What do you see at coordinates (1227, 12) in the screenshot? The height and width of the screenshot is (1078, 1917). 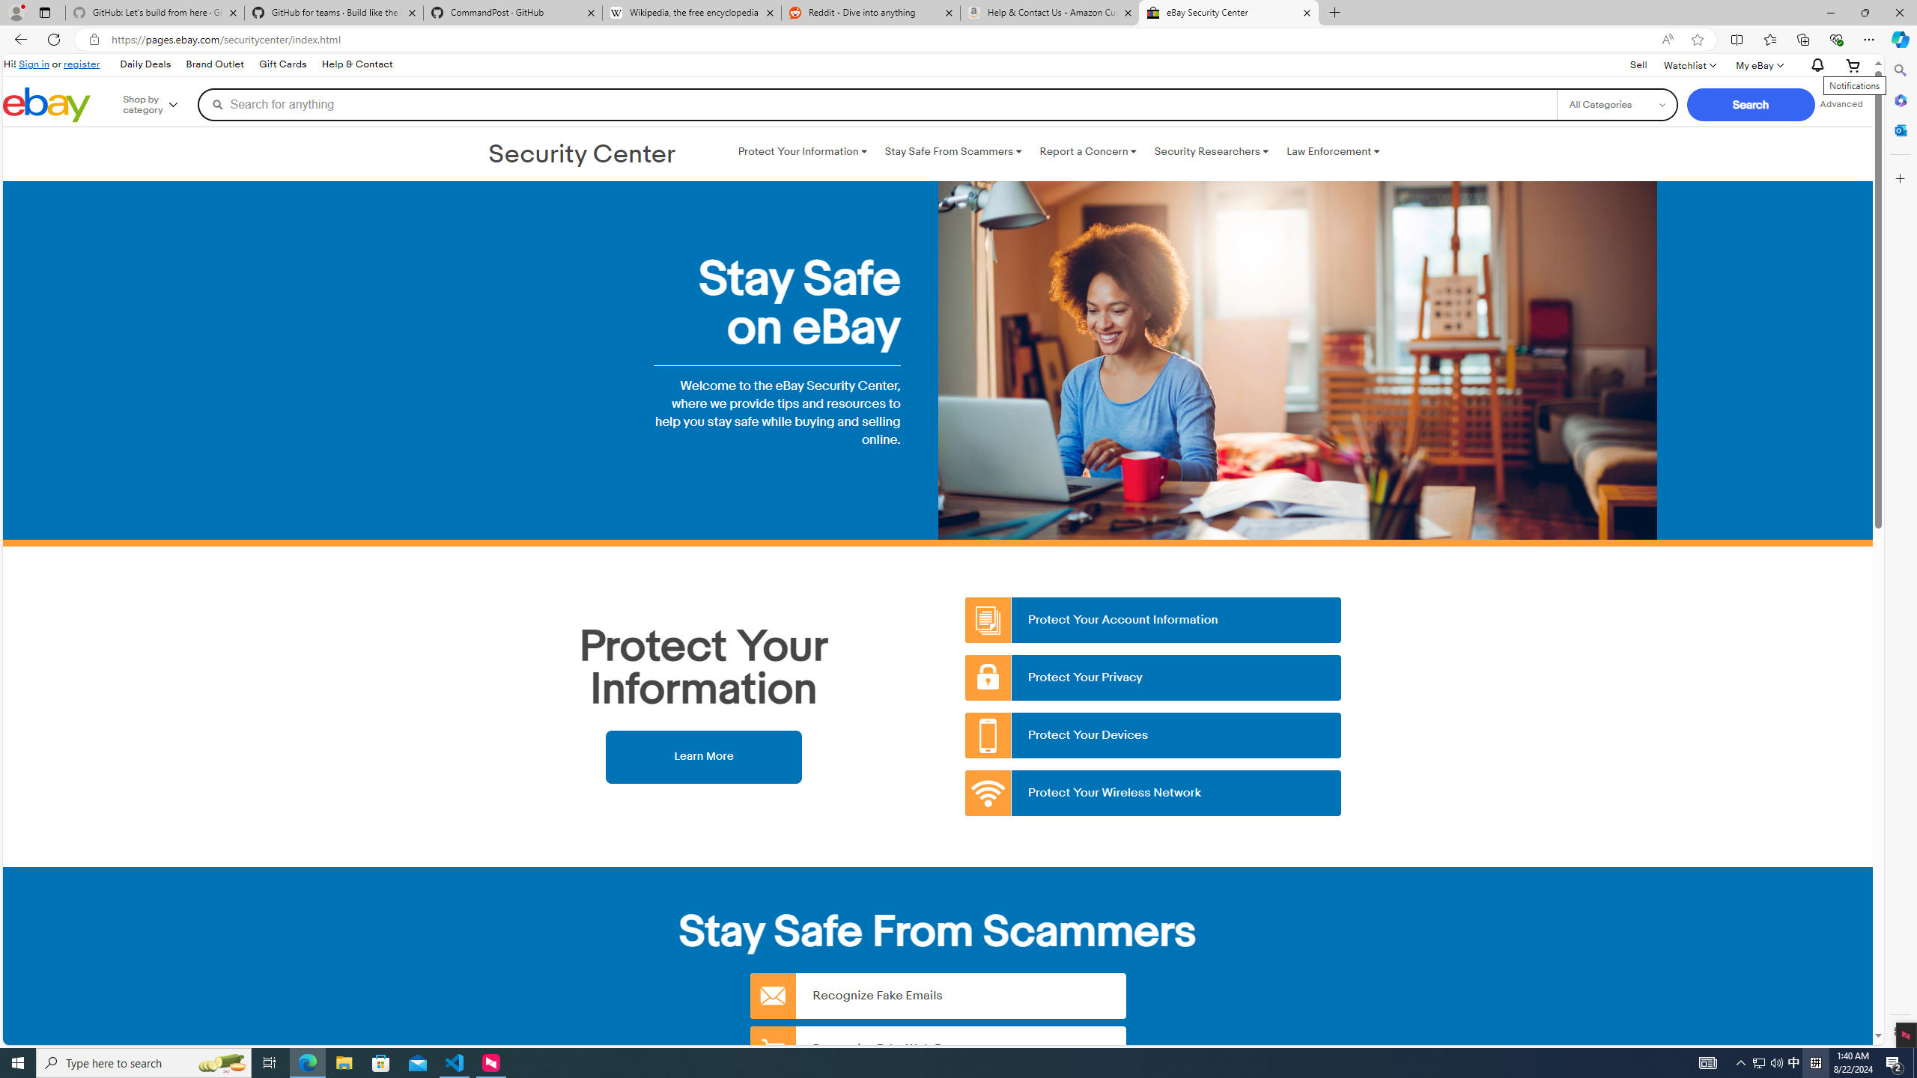 I see `'eBay Security Center'` at bounding box center [1227, 12].